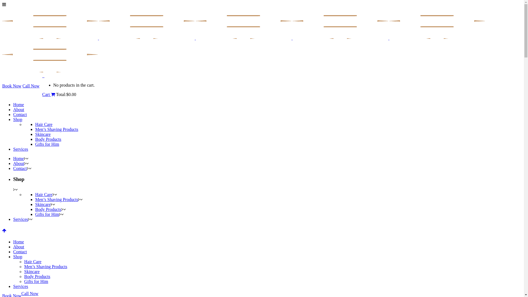  I want to click on 'Contact', so click(13, 114).